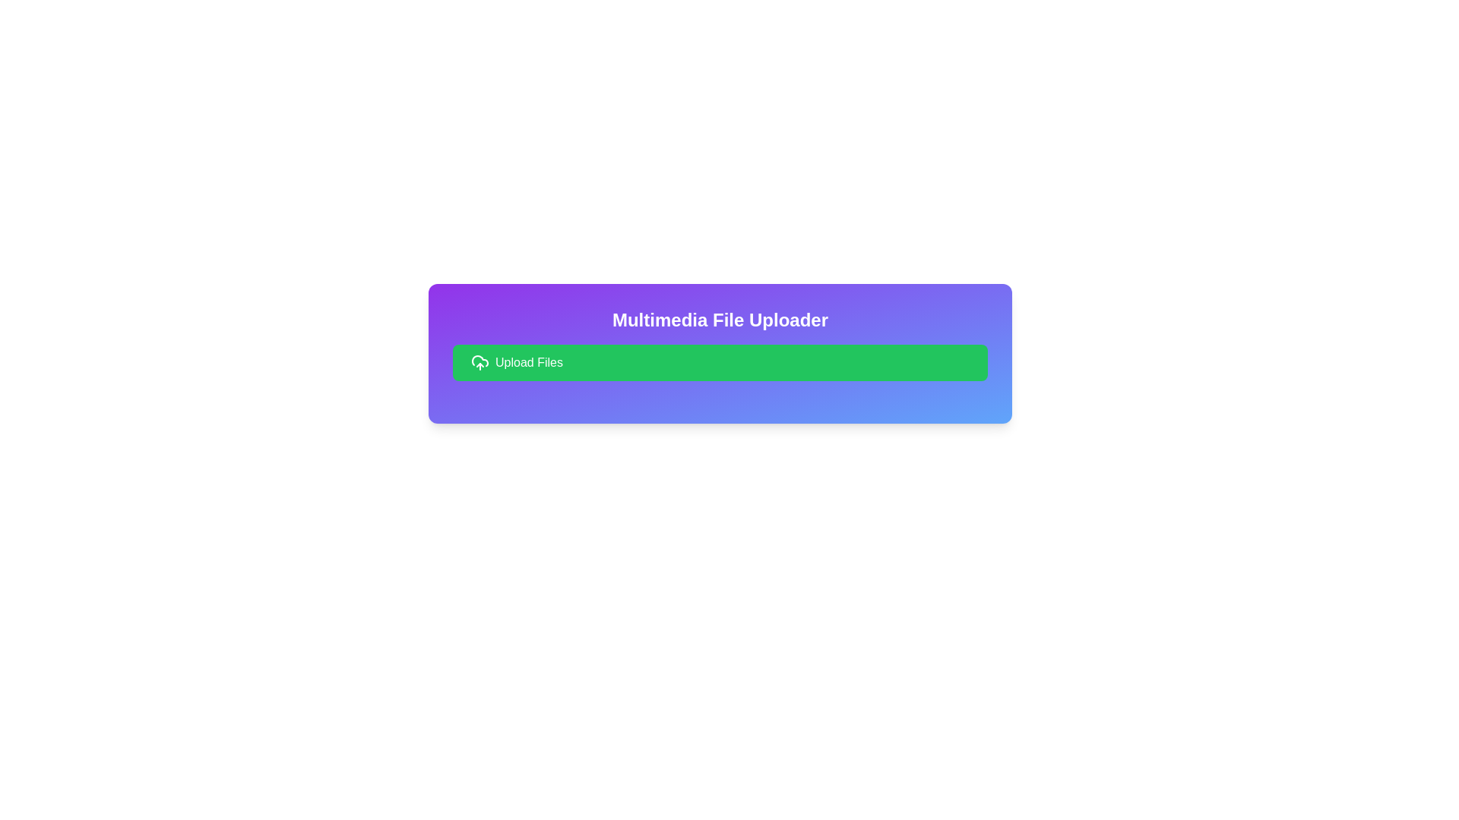  What do you see at coordinates (479, 363) in the screenshot?
I see `the interactive upload icon` at bounding box center [479, 363].